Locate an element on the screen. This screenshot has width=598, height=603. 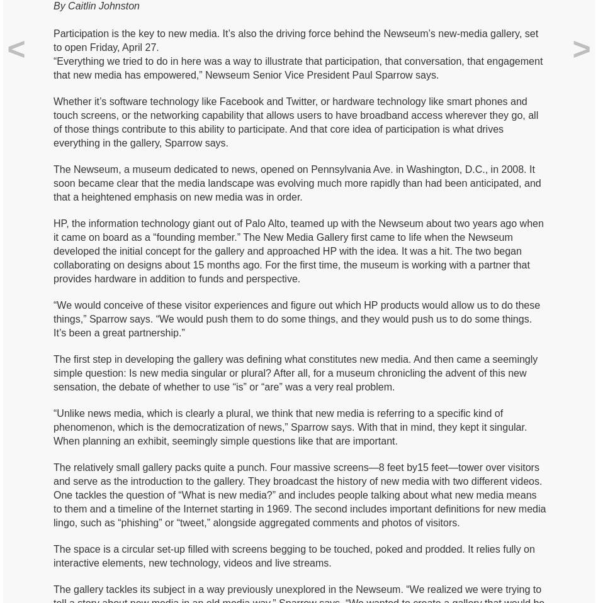
'The first step in developing the gallery was defining what constitutes new media. And then came a seemingly simple question: Is new media singular or plural? After all, for a museum chronicling the advent of this new sensation, the debate of whether to use “is” or “are” was a very real problem.' is located at coordinates (54, 372).